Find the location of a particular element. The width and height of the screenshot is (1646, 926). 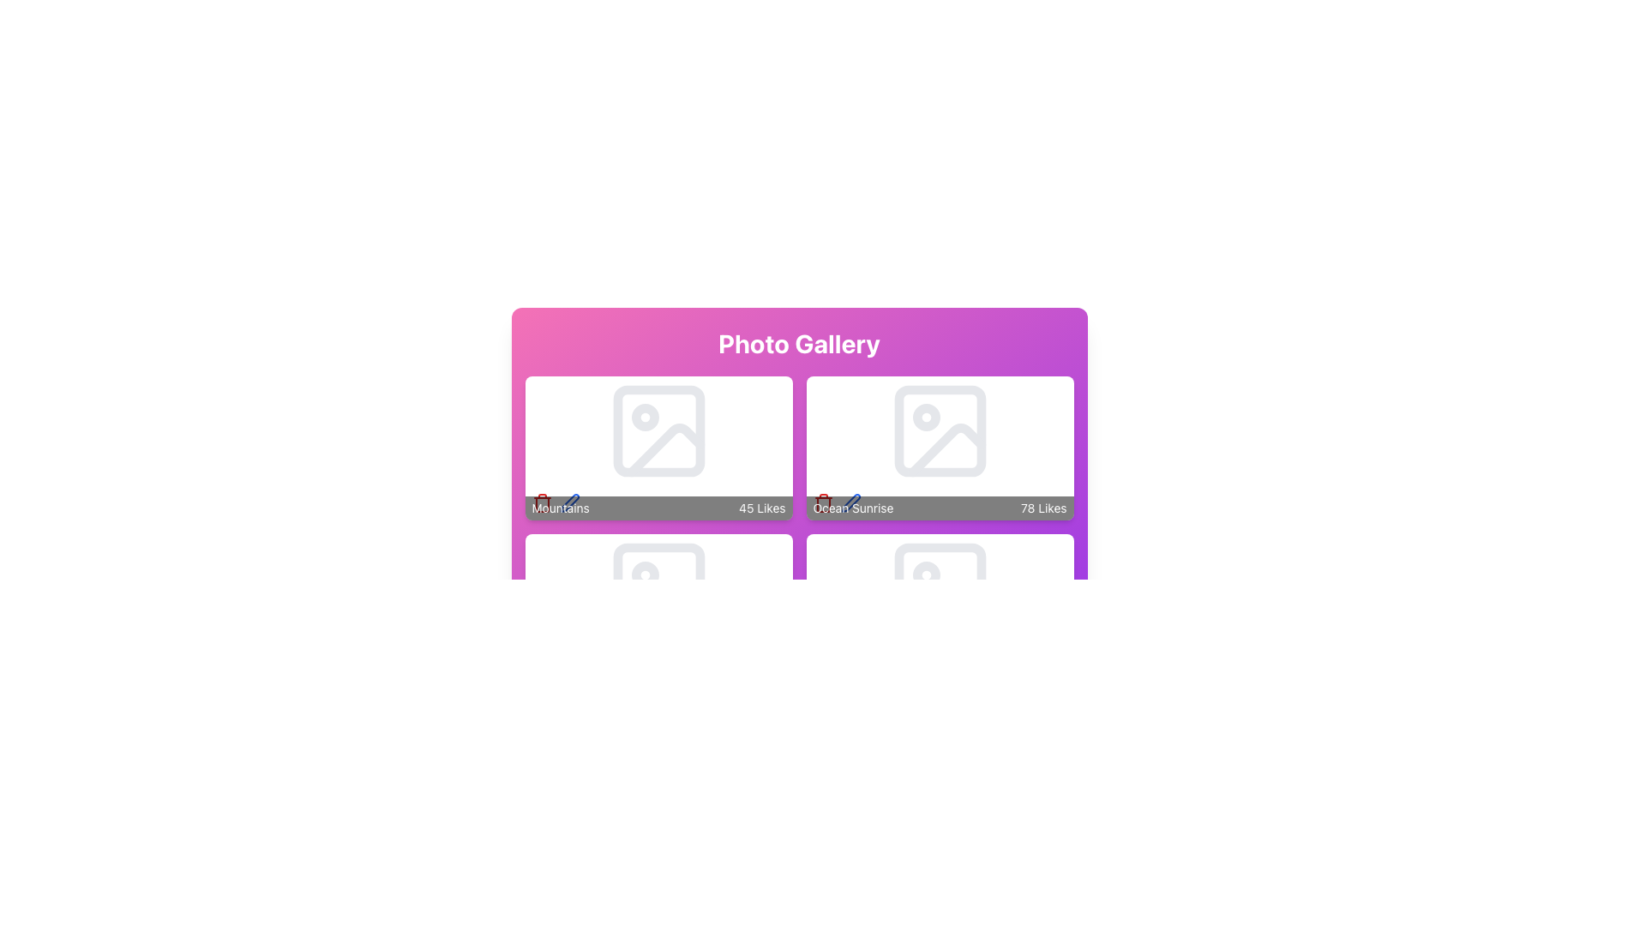

the image placeholder located in the top-left card of the 'Photo Gallery' layout, positioned above the text labels 'Mountains' and '45 Likes' is located at coordinates (658, 430).